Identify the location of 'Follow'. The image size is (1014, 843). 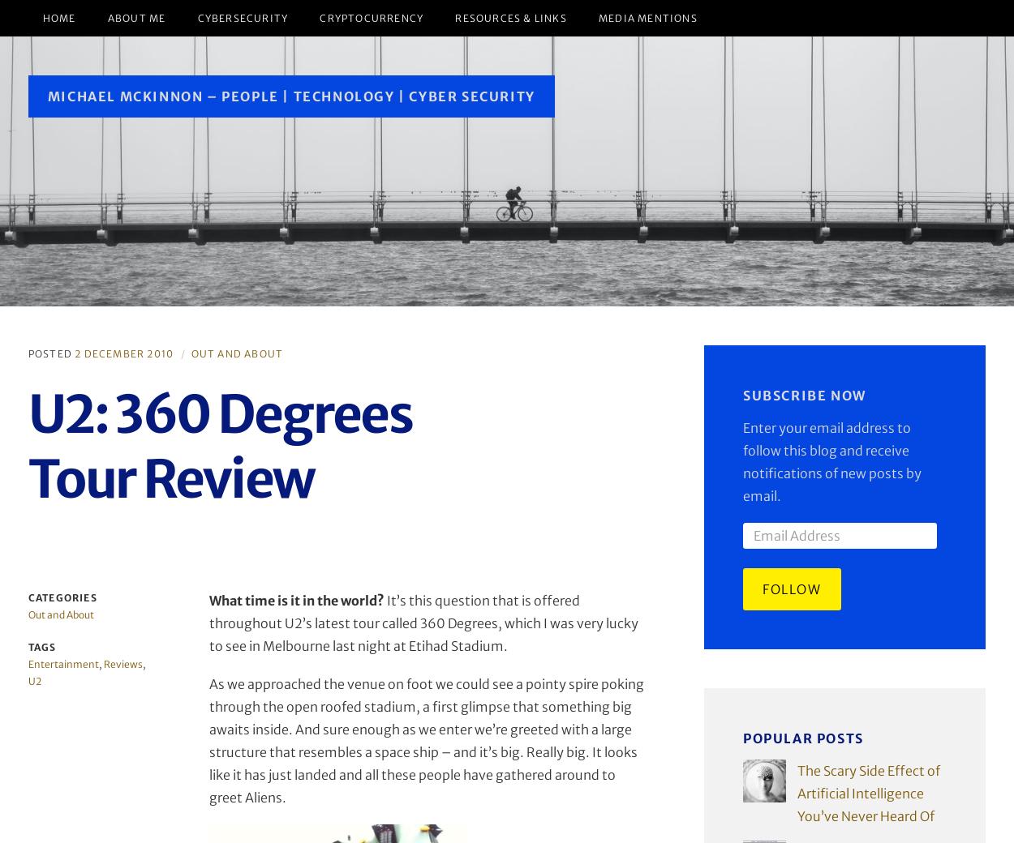
(762, 588).